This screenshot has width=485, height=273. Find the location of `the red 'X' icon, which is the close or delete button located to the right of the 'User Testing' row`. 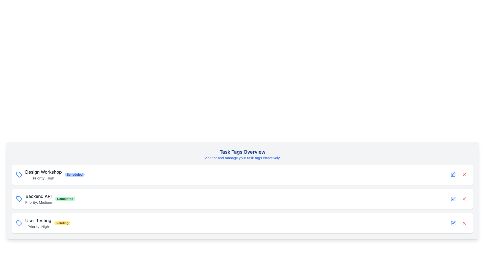

the red 'X' icon, which is the close or delete button located to the right of the 'User Testing' row is located at coordinates (464, 223).